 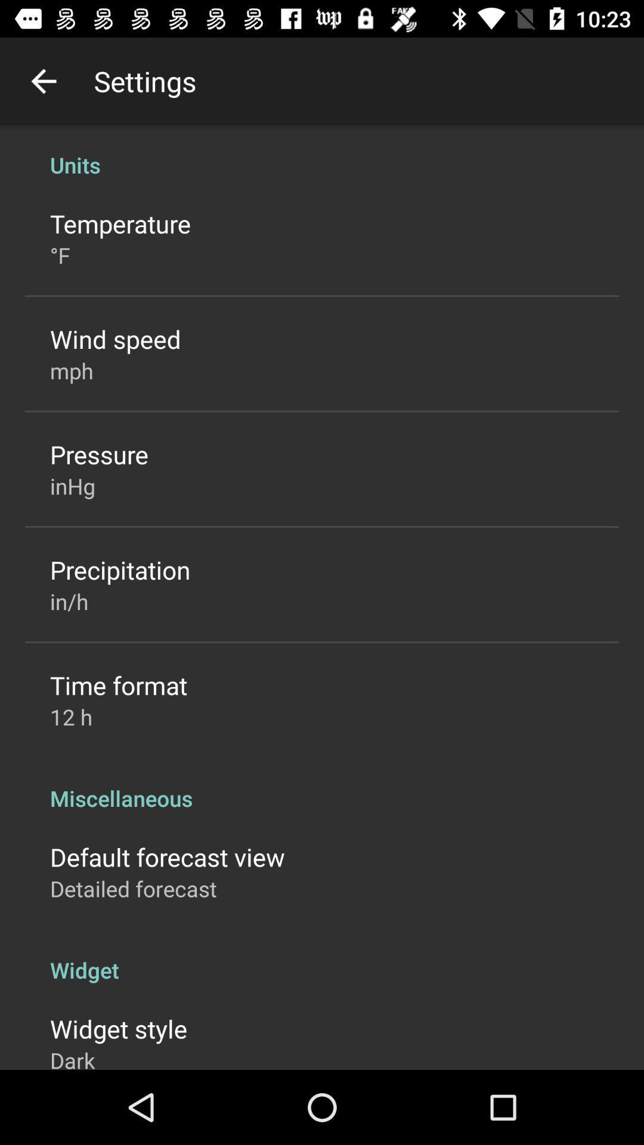 I want to click on icon above the units, so click(x=43, y=81).